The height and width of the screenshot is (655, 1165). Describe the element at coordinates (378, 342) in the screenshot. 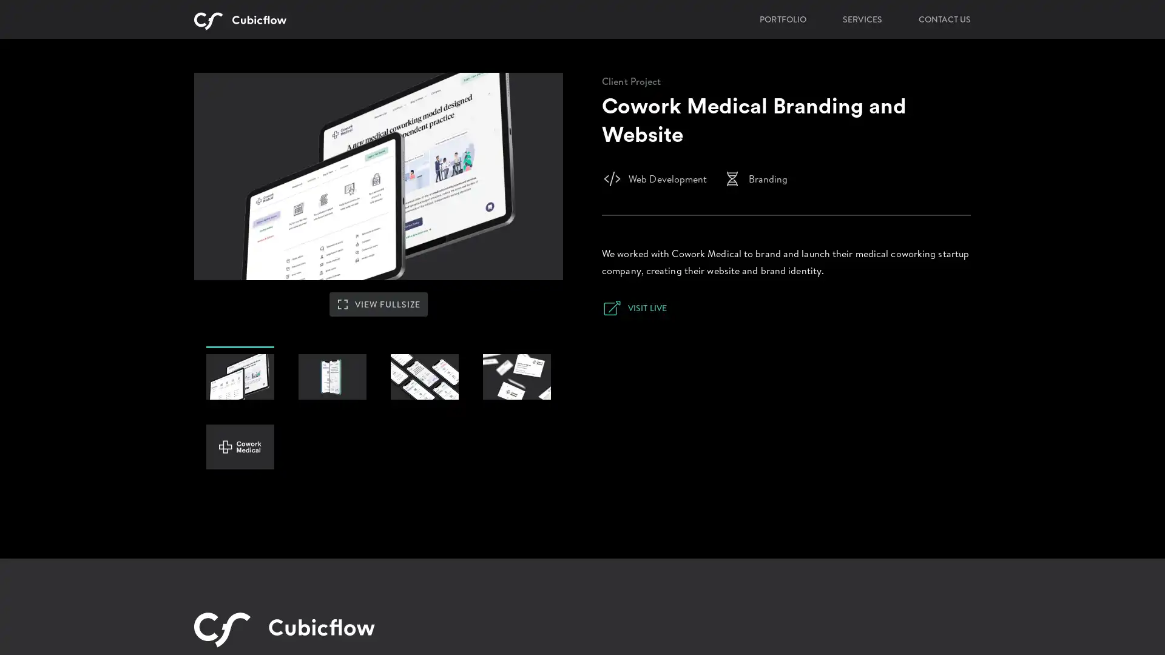

I see `VIEW FULLSIZE` at that location.